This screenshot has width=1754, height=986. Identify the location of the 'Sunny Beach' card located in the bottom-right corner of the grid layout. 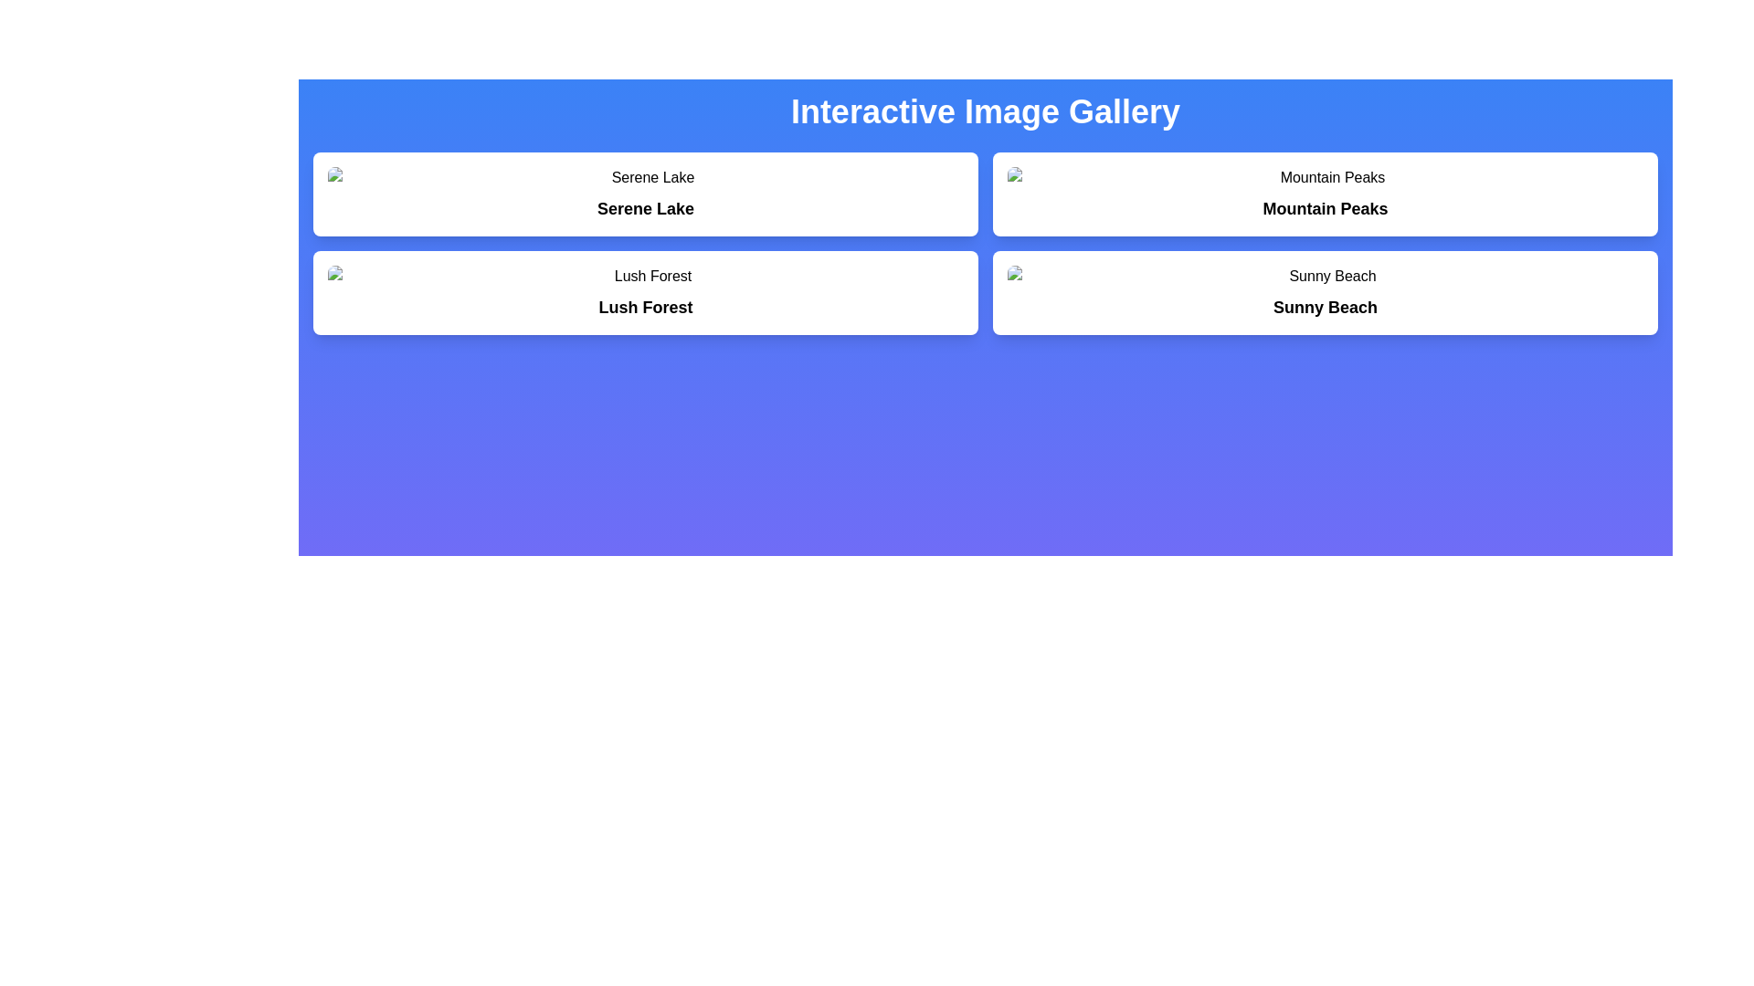
(1325, 291).